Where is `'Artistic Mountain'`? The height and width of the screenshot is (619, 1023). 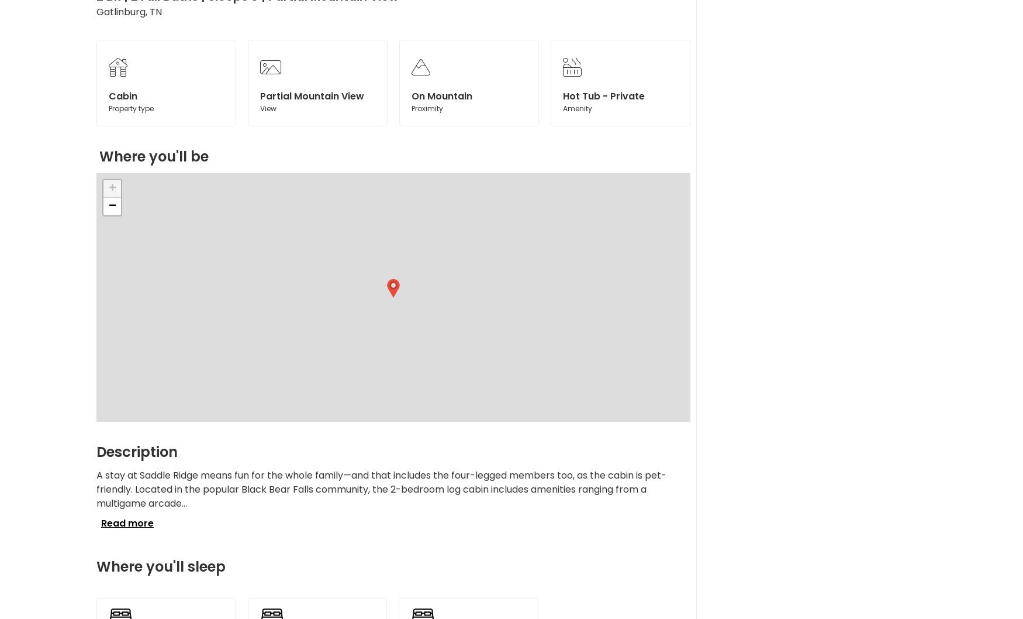 'Artistic Mountain' is located at coordinates (564, 130).